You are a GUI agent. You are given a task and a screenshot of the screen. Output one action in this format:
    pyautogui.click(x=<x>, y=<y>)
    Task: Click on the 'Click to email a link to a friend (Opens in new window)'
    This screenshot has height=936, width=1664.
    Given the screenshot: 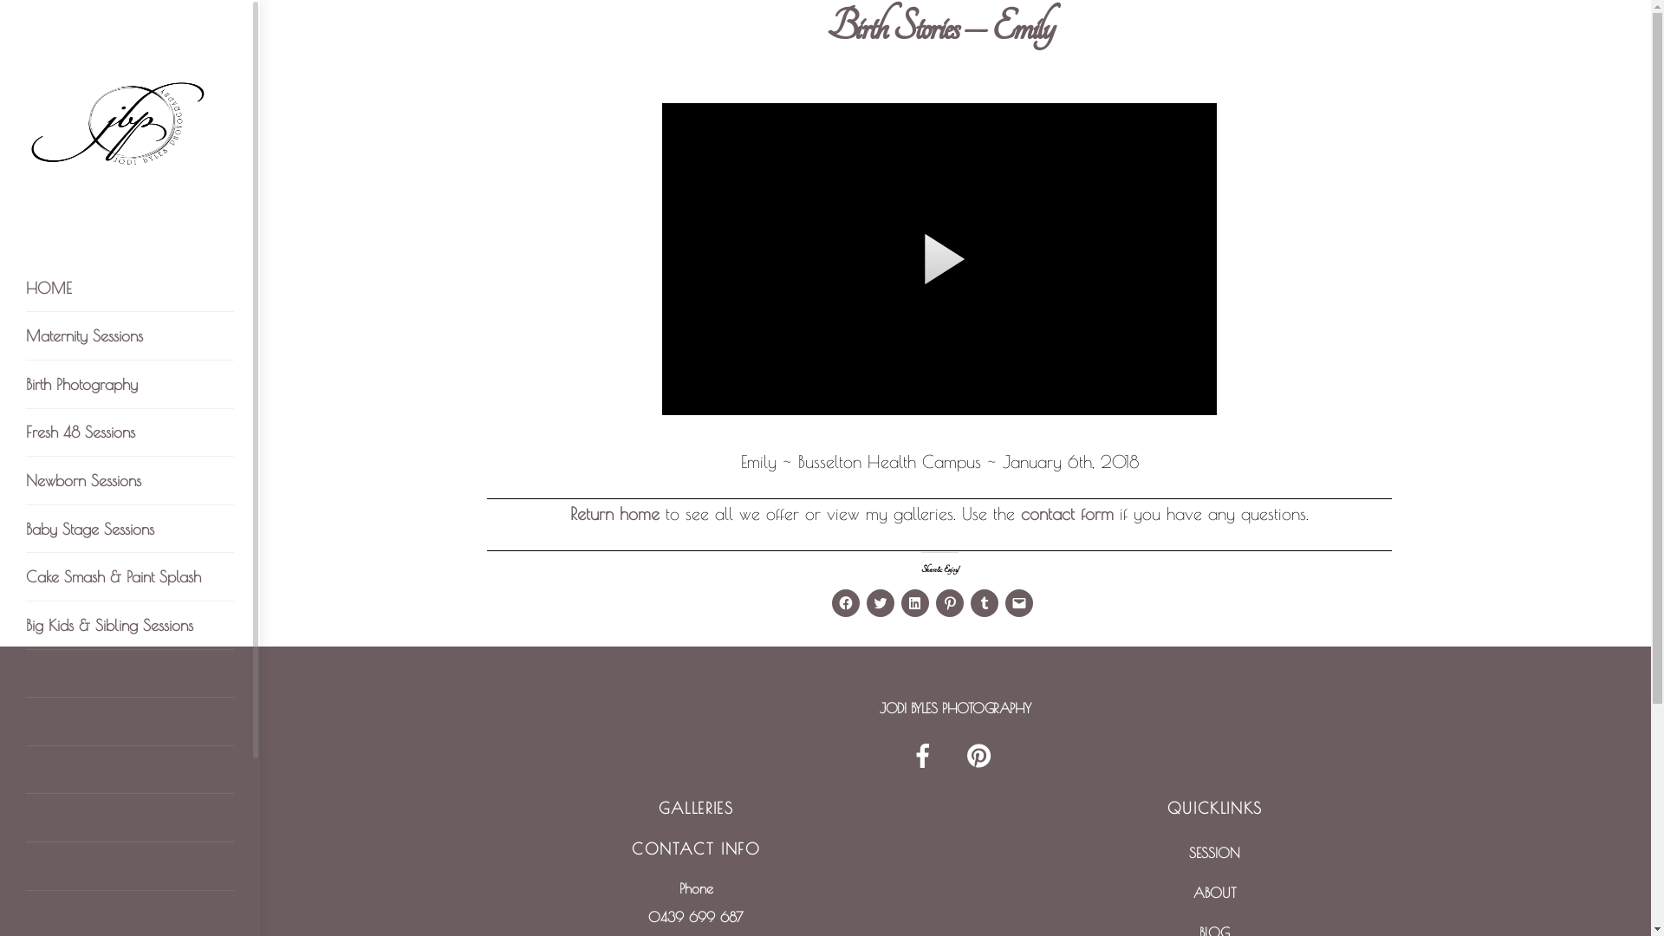 What is the action you would take?
    pyautogui.click(x=1005, y=601)
    